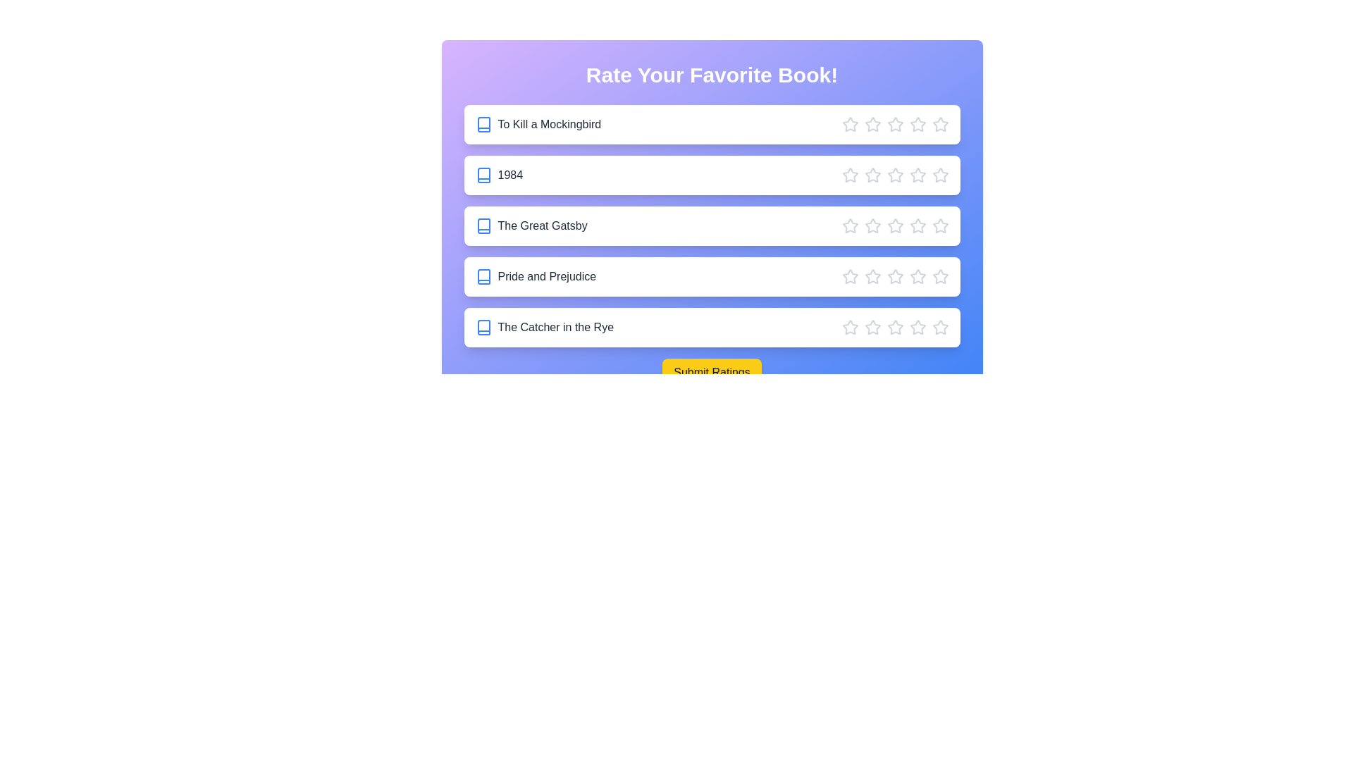  What do you see at coordinates (894, 175) in the screenshot?
I see `the star corresponding to 3 stars for the book 1984` at bounding box center [894, 175].